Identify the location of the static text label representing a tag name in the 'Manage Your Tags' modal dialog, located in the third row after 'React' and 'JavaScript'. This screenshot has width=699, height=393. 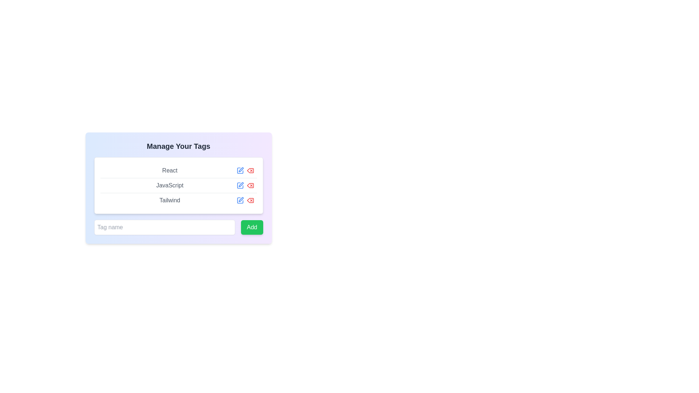
(169, 201).